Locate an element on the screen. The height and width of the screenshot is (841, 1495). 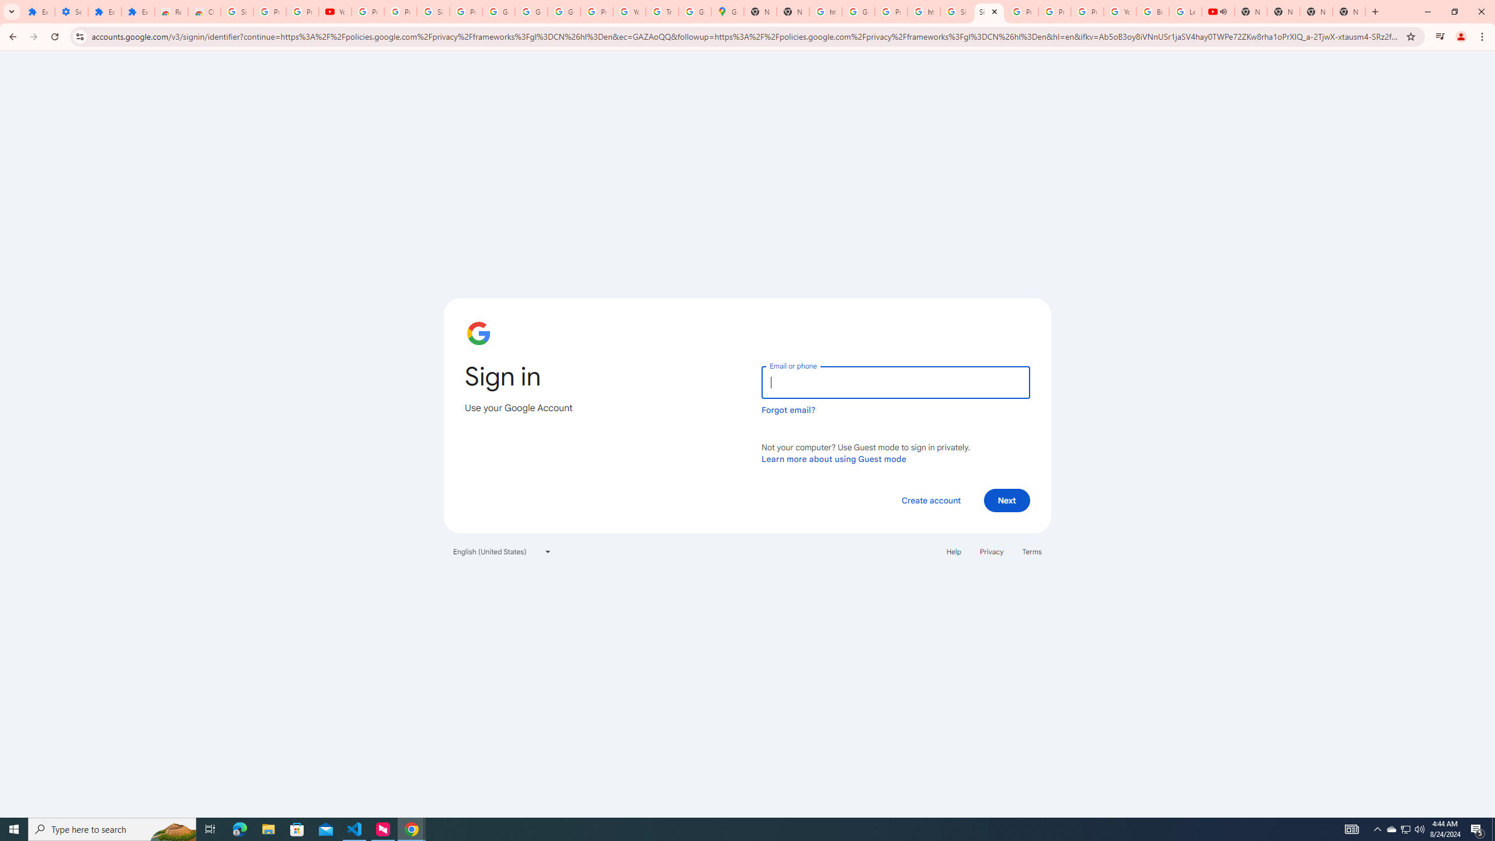
'Learn more about using Guest mode' is located at coordinates (833, 458).